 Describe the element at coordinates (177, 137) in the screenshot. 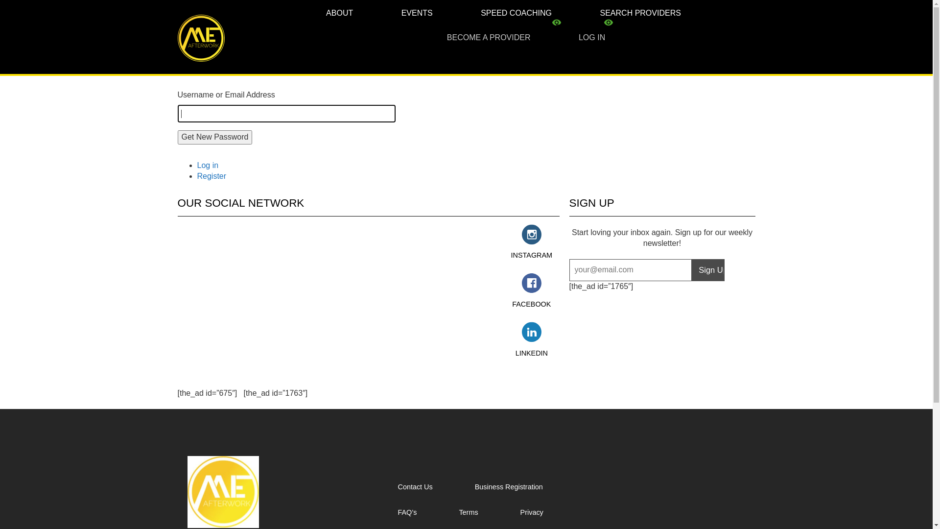

I see `'Get New Password'` at that location.